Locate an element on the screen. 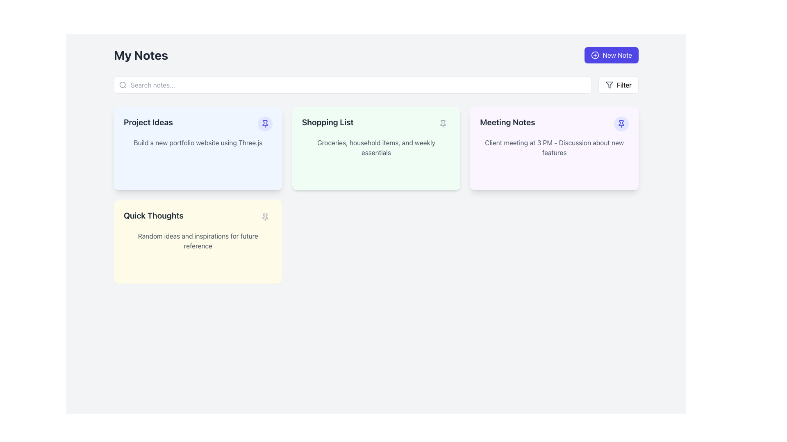  the filter button located on the top-right side of the interface, adjacent to the search bar is located at coordinates (618, 85).